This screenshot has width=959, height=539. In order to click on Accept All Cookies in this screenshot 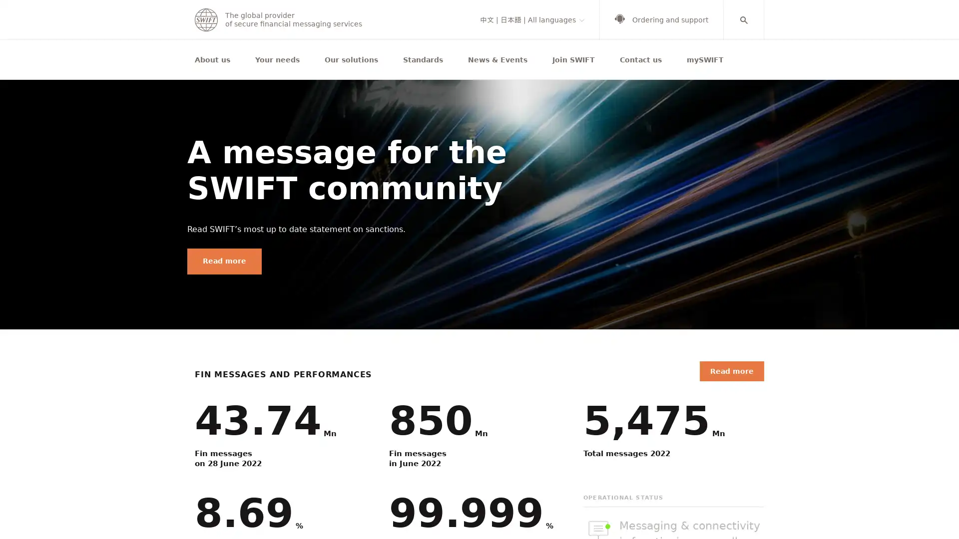, I will do `click(812, 509)`.